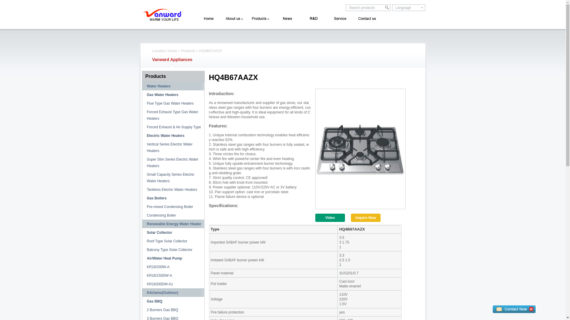 This screenshot has height=320, width=570. What do you see at coordinates (366, 18) in the screenshot?
I see `'Contact us'` at bounding box center [366, 18].